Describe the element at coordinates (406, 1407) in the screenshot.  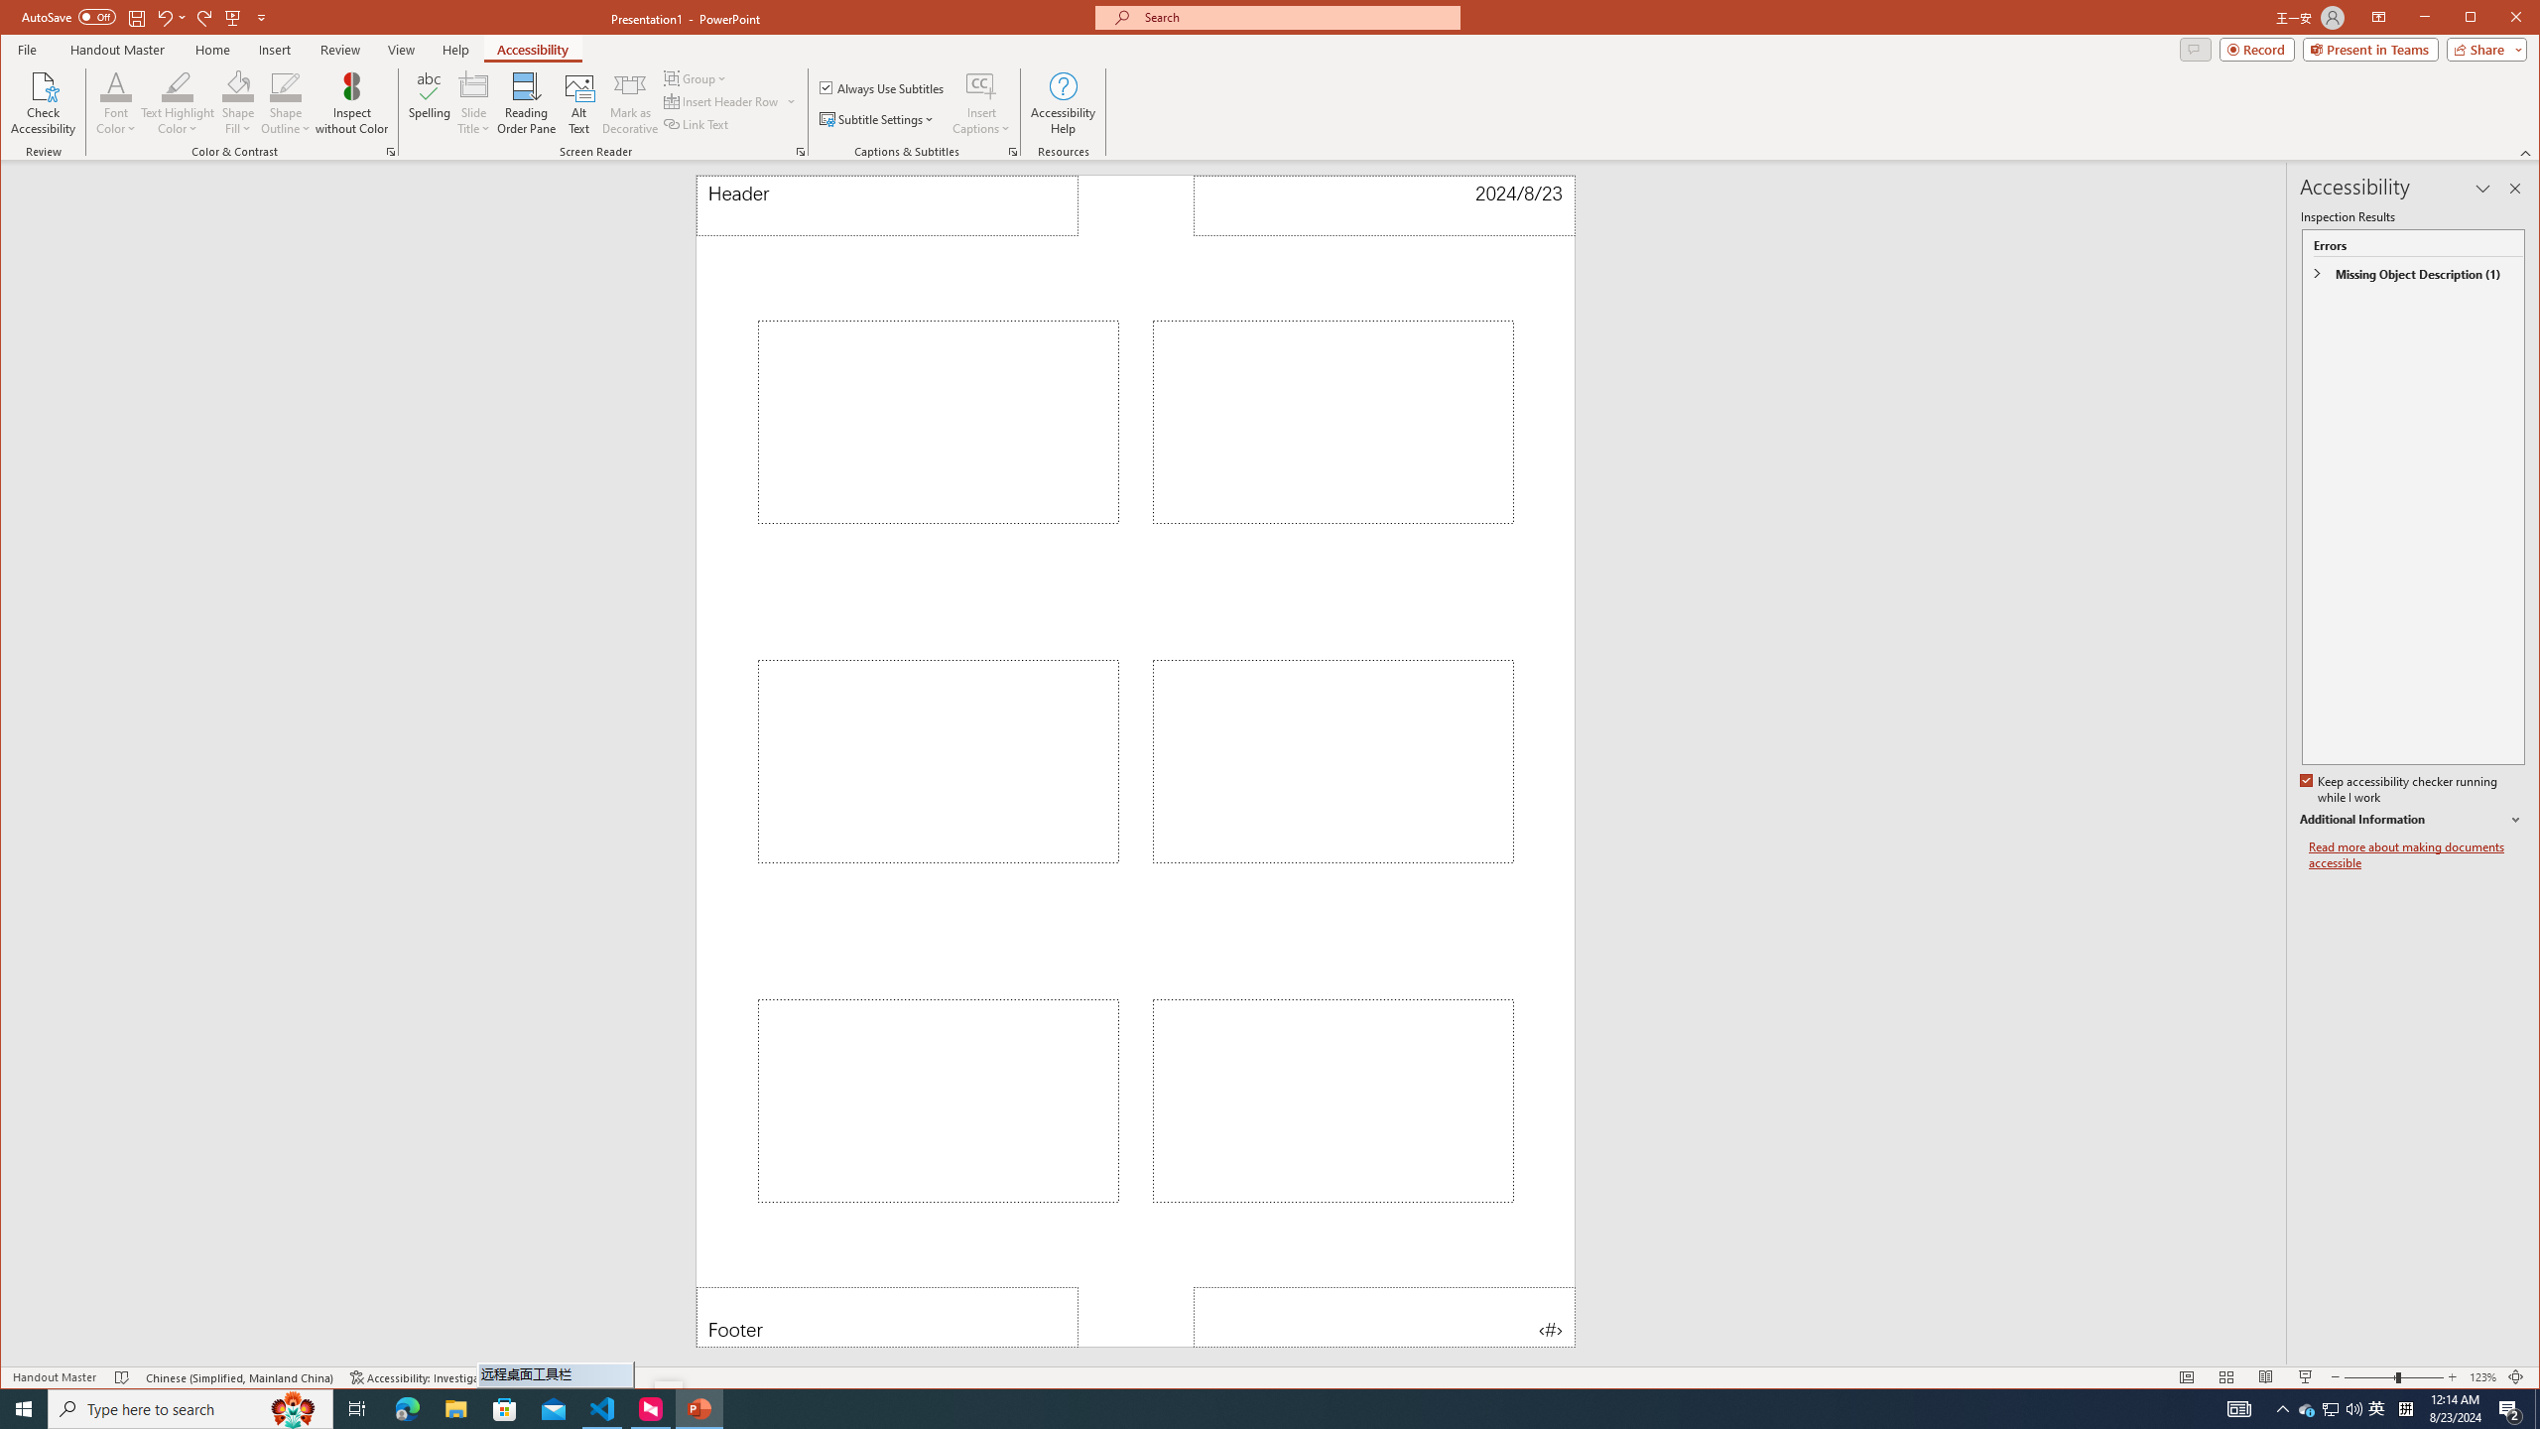
I see `'Microsoft Edge'` at that location.